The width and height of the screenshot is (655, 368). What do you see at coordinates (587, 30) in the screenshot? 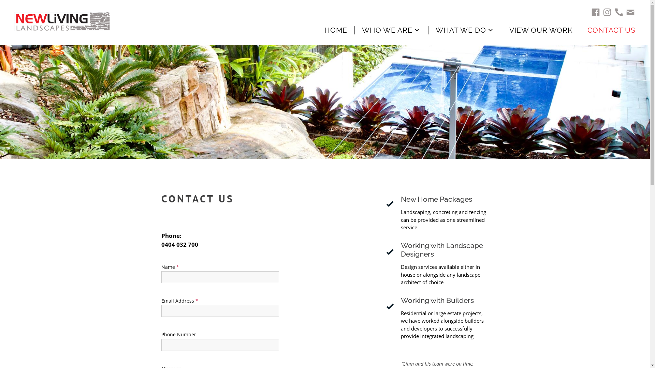
I see `'CONTACT US'` at bounding box center [587, 30].